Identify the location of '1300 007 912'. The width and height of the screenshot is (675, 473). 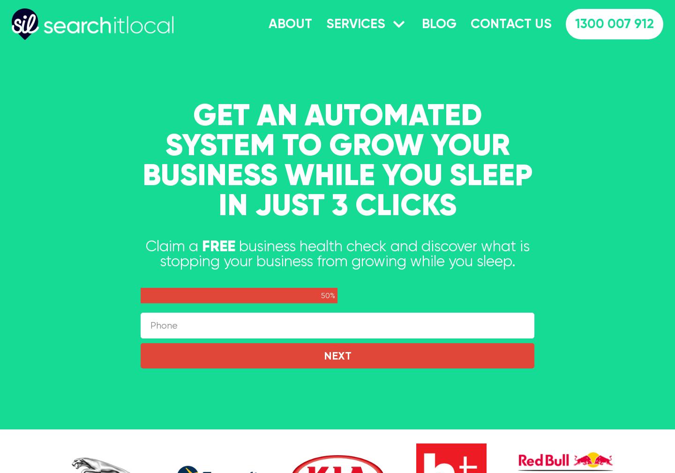
(614, 23).